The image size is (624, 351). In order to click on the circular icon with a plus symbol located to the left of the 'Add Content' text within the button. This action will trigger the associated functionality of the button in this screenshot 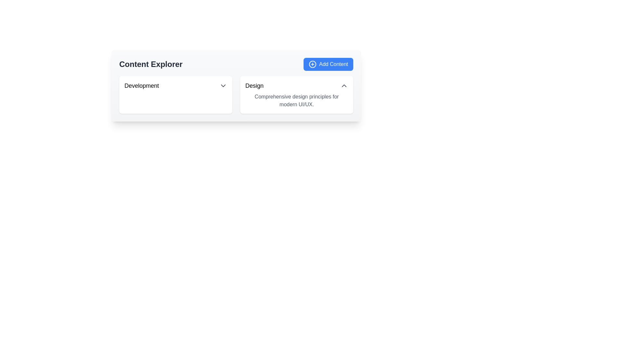, I will do `click(313, 64)`.